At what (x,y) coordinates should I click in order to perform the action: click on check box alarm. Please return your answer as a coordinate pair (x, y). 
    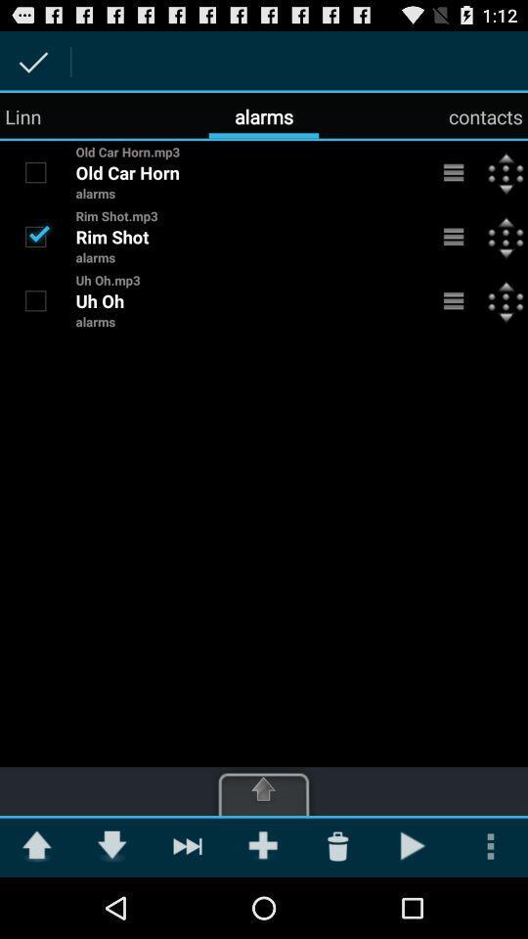
    Looking at the image, I should click on (35, 235).